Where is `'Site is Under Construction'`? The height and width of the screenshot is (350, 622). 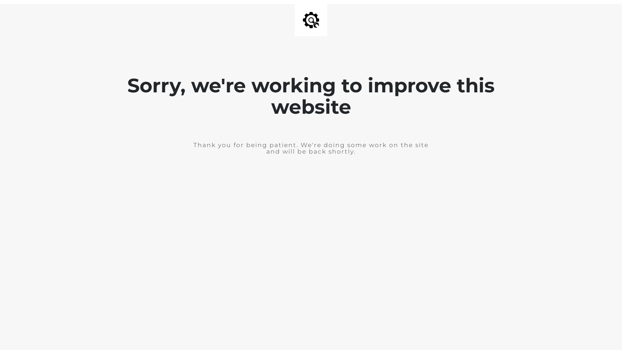
'Site is Under Construction' is located at coordinates (311, 19).